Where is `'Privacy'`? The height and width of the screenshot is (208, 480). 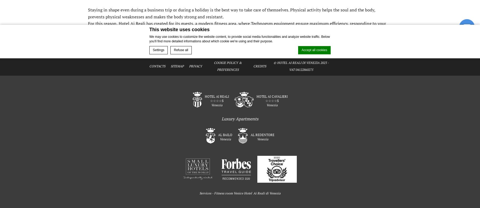 'Privacy' is located at coordinates (189, 66).